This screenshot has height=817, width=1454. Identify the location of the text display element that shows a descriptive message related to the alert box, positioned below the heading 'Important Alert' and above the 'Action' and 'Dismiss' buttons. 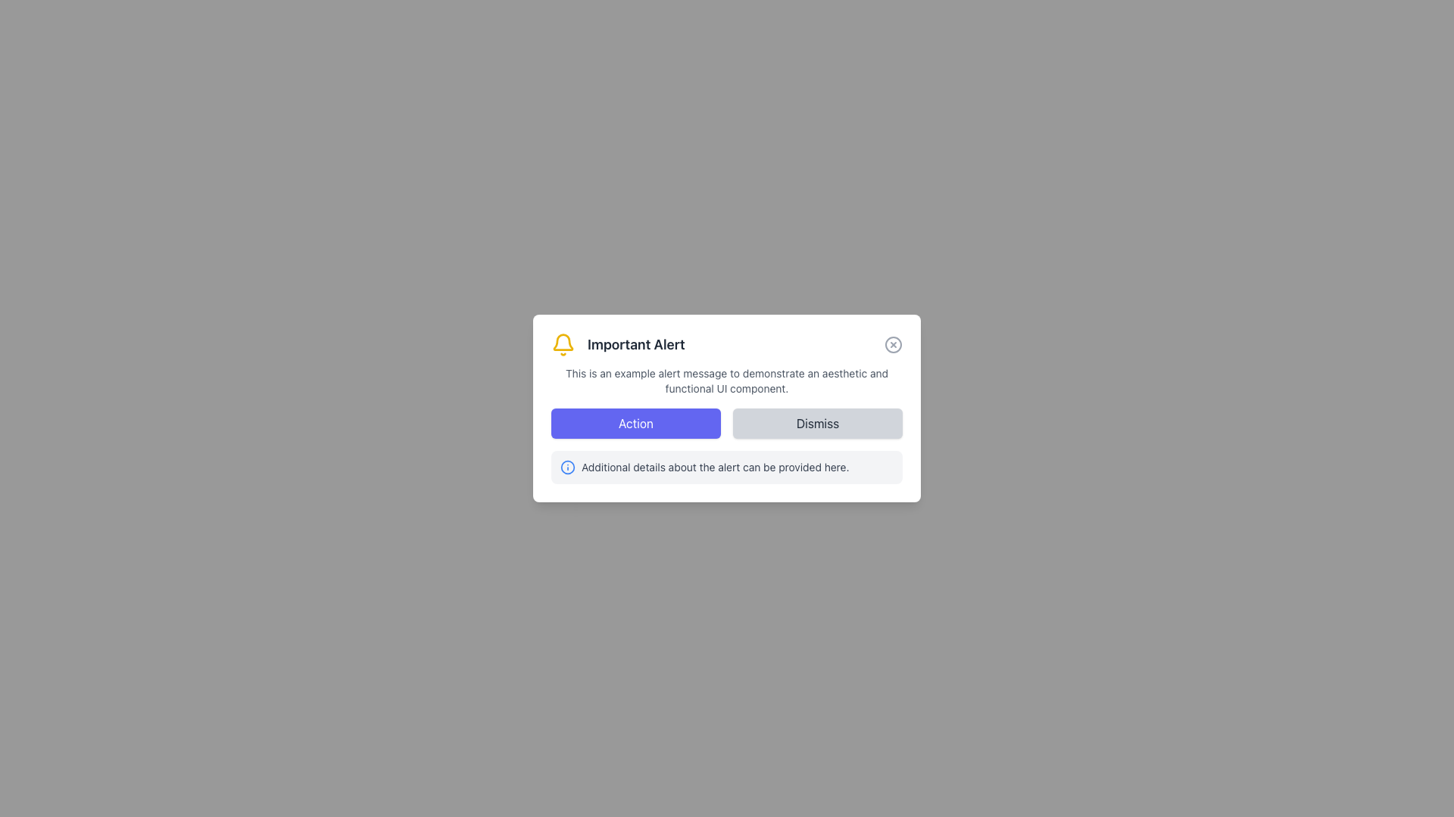
(727, 381).